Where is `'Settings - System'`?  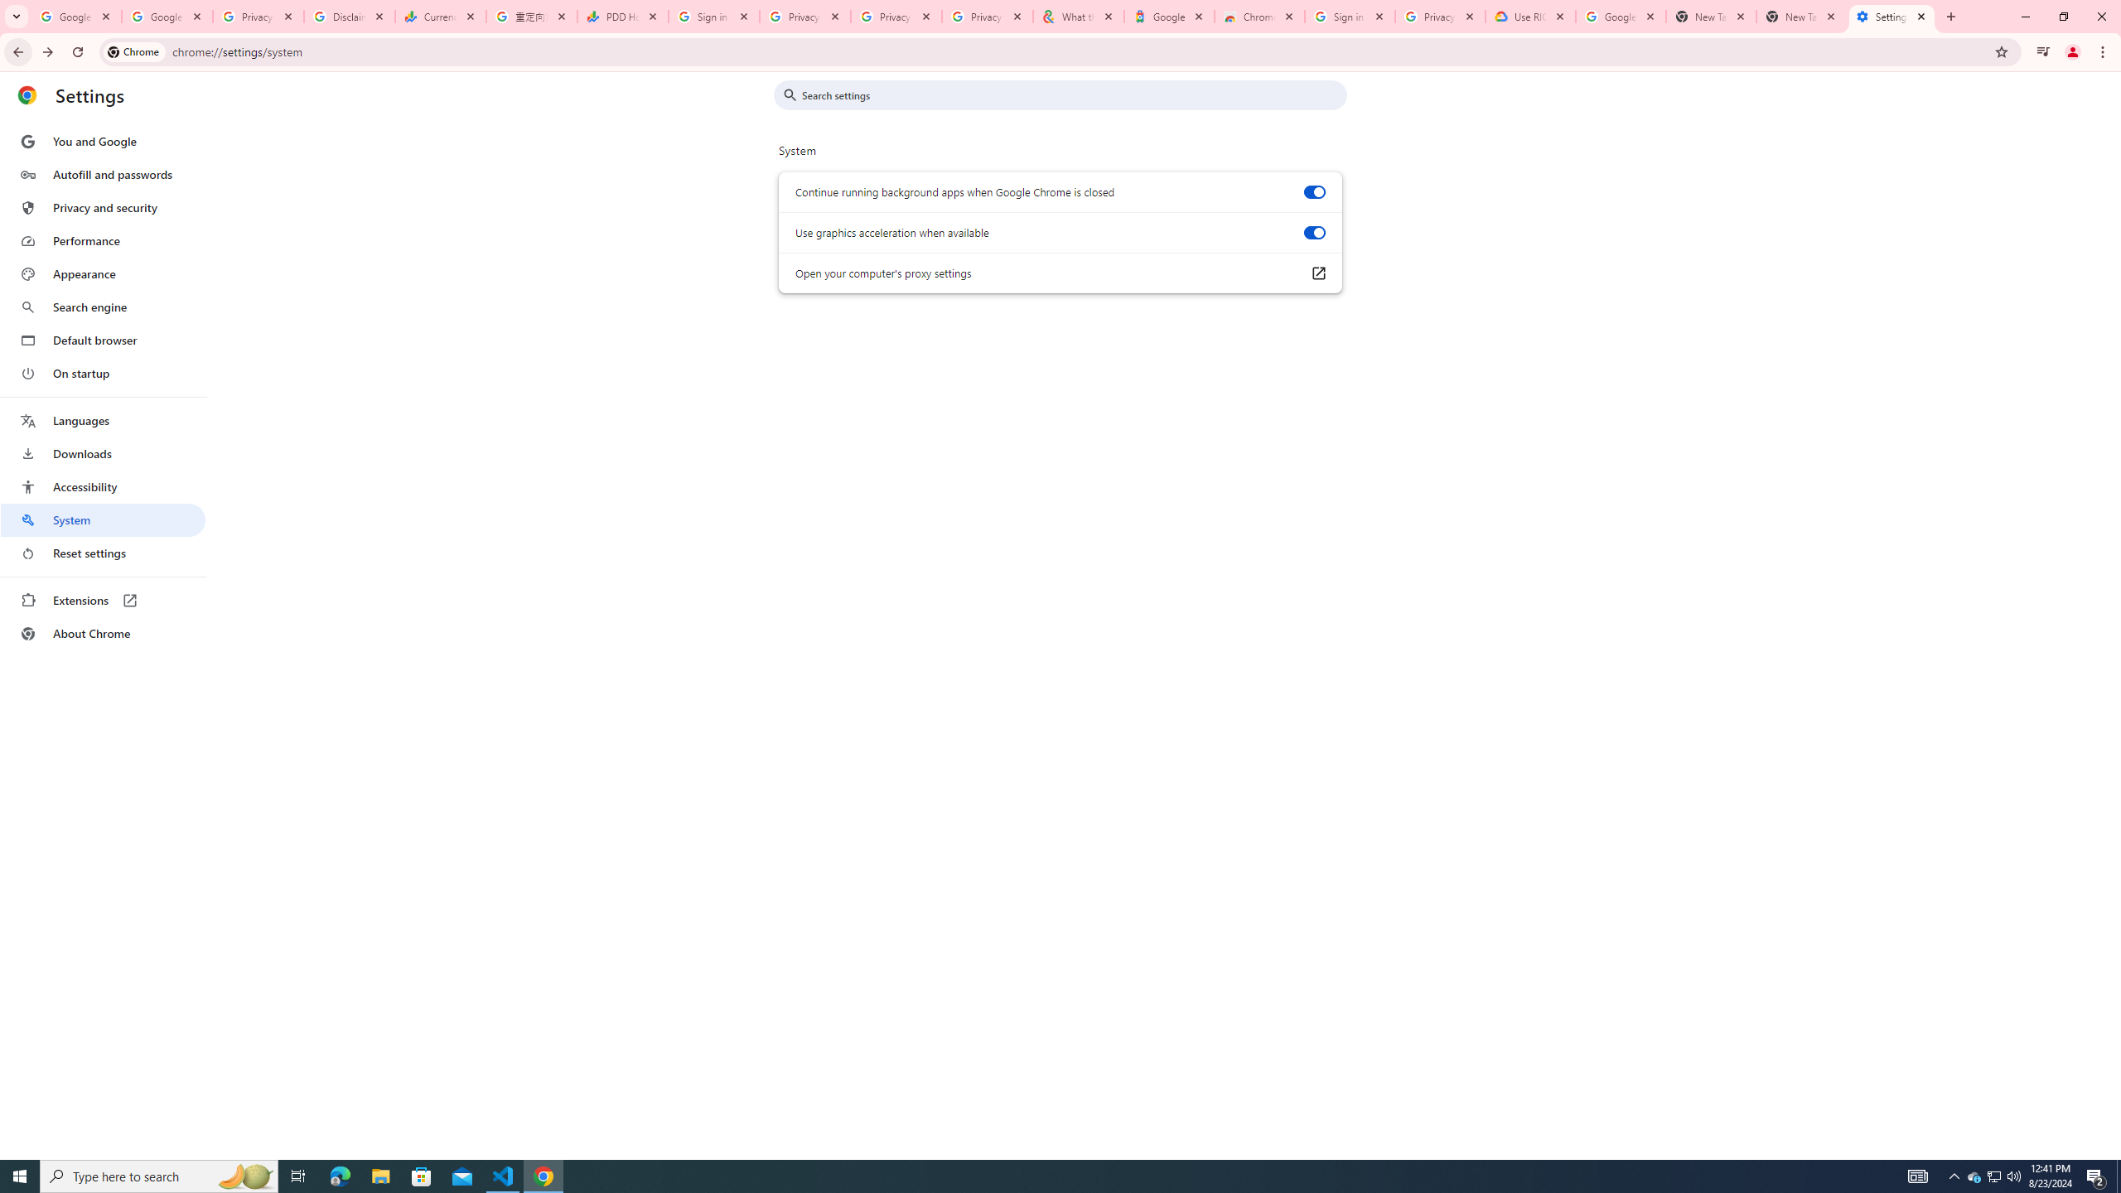 'Settings - System' is located at coordinates (1891, 16).